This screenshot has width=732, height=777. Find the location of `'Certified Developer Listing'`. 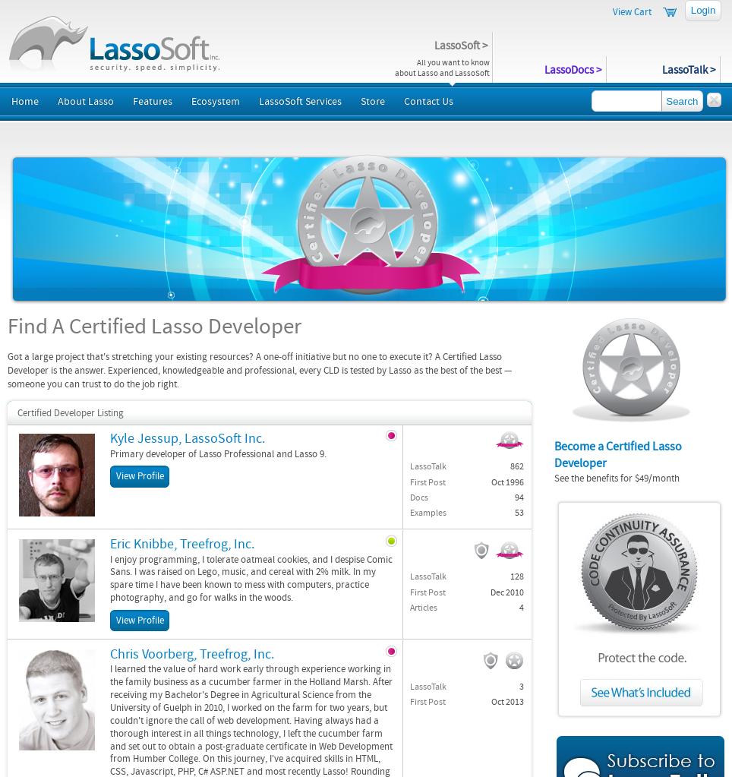

'Certified Developer Listing' is located at coordinates (70, 412).